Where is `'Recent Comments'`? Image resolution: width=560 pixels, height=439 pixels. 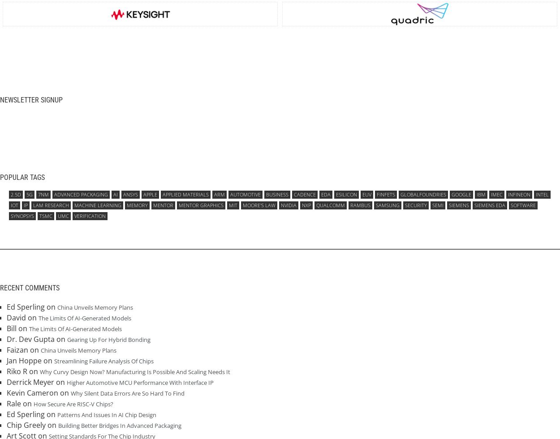 'Recent Comments' is located at coordinates (29, 288).